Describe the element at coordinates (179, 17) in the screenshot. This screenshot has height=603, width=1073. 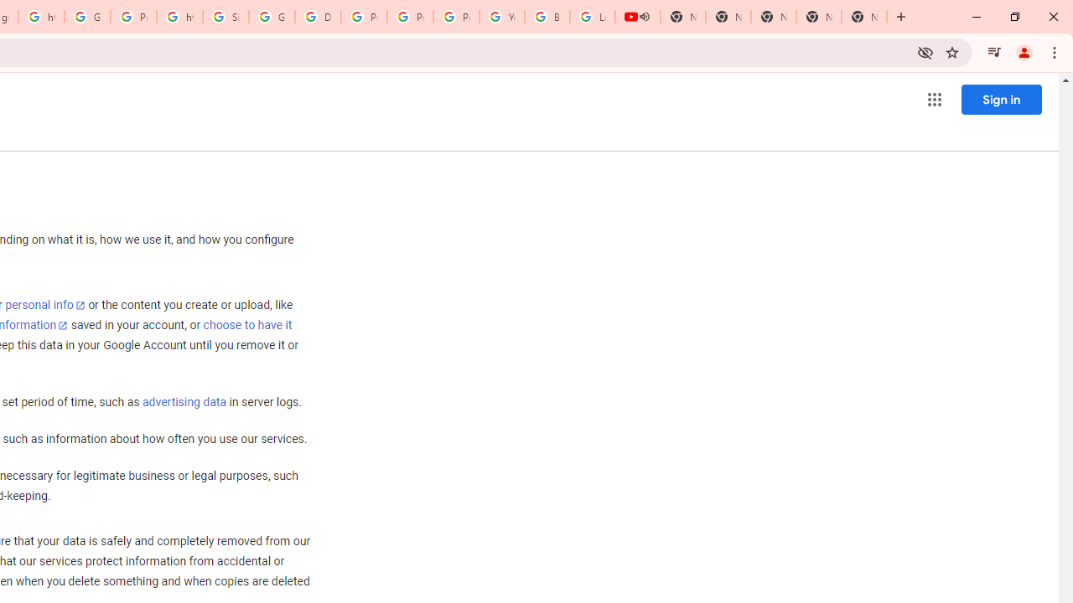
I see `'https://scholar.google.com/'` at that location.